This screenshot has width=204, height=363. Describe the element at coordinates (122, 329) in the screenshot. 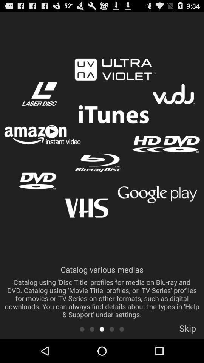

I see `slide 5` at that location.